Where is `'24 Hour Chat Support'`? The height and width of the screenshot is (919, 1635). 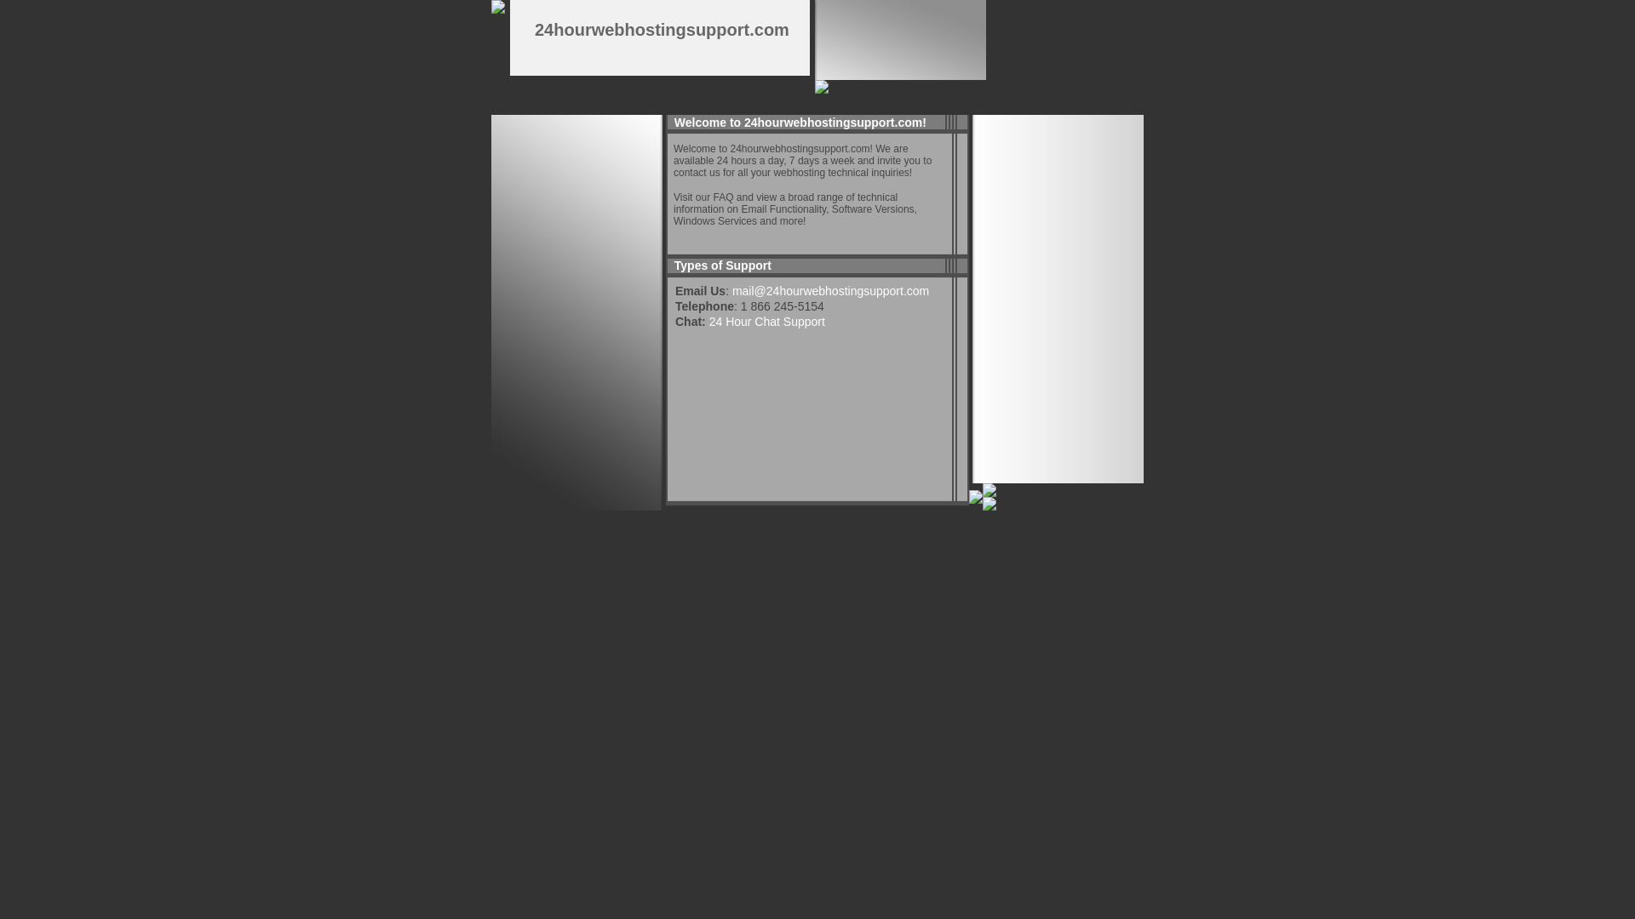 '24 Hour Chat Support' is located at coordinates (766, 322).